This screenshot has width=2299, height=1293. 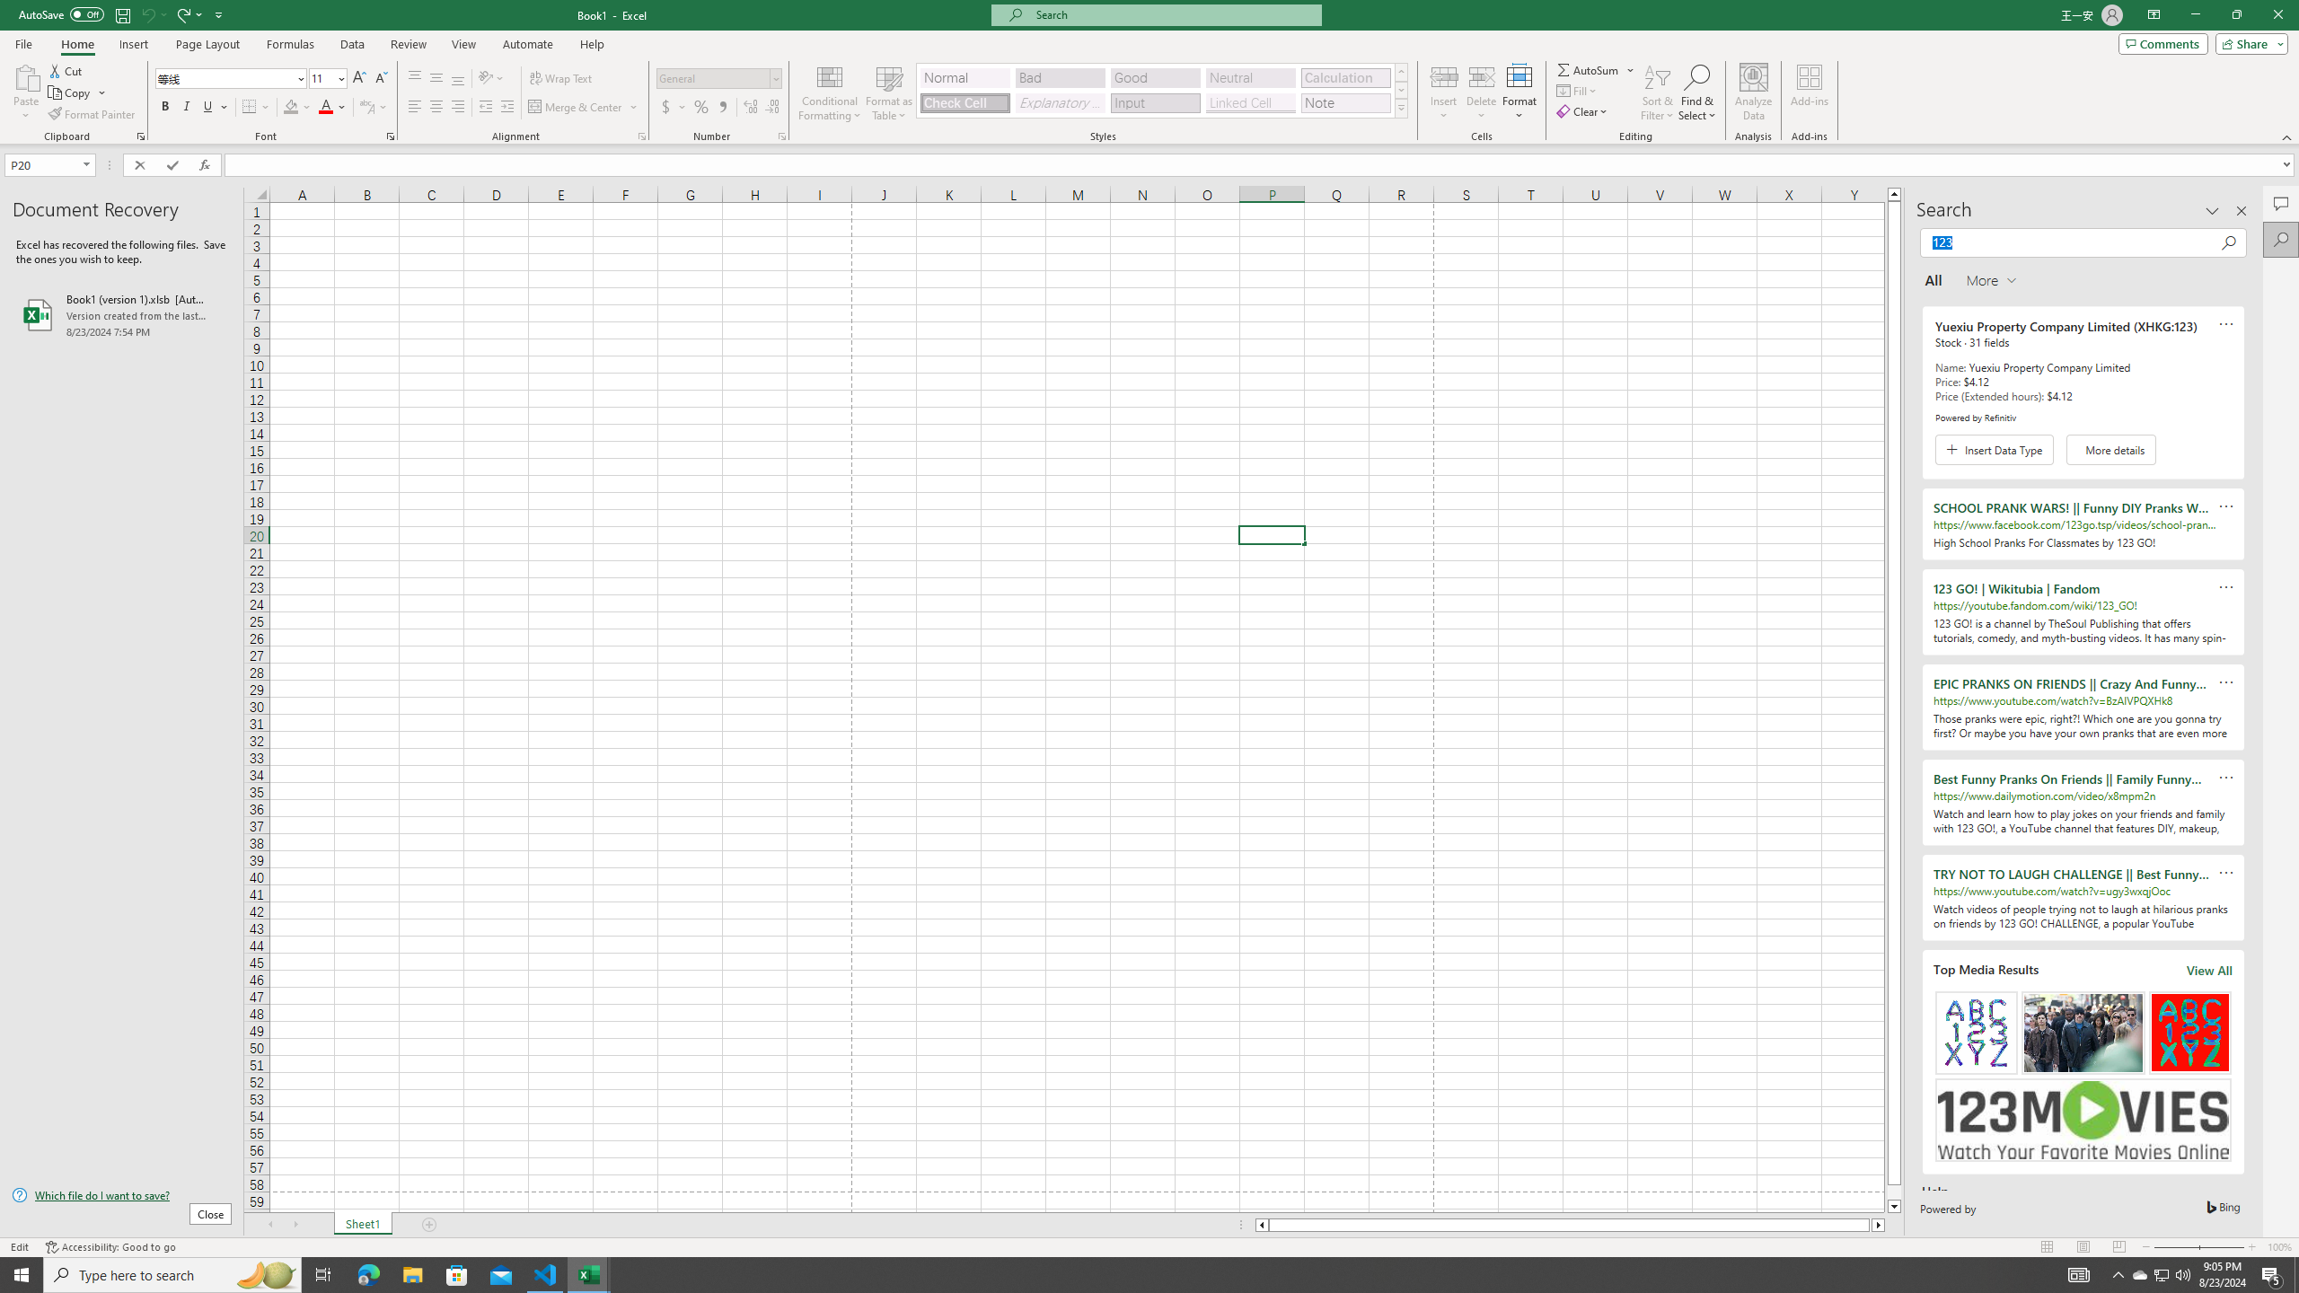 What do you see at coordinates (296, 106) in the screenshot?
I see `'Fill Color'` at bounding box center [296, 106].